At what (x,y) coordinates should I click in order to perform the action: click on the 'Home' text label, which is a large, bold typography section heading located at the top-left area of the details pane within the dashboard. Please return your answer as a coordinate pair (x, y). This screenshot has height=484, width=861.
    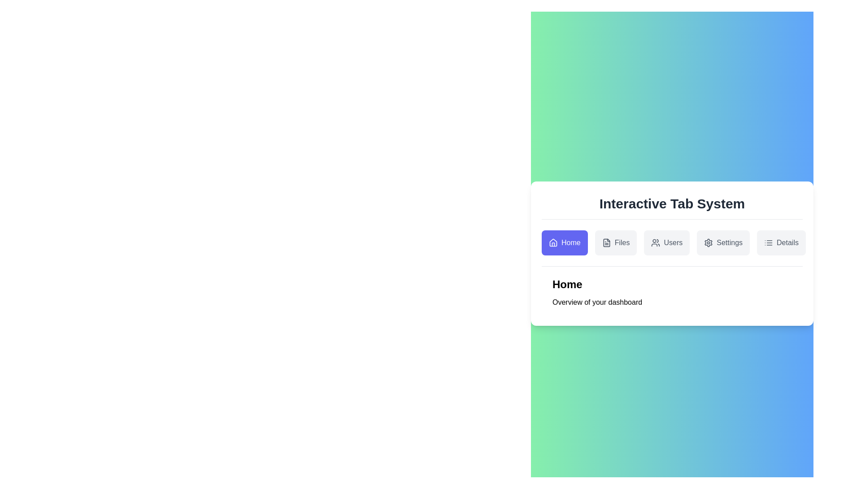
    Looking at the image, I should click on (567, 285).